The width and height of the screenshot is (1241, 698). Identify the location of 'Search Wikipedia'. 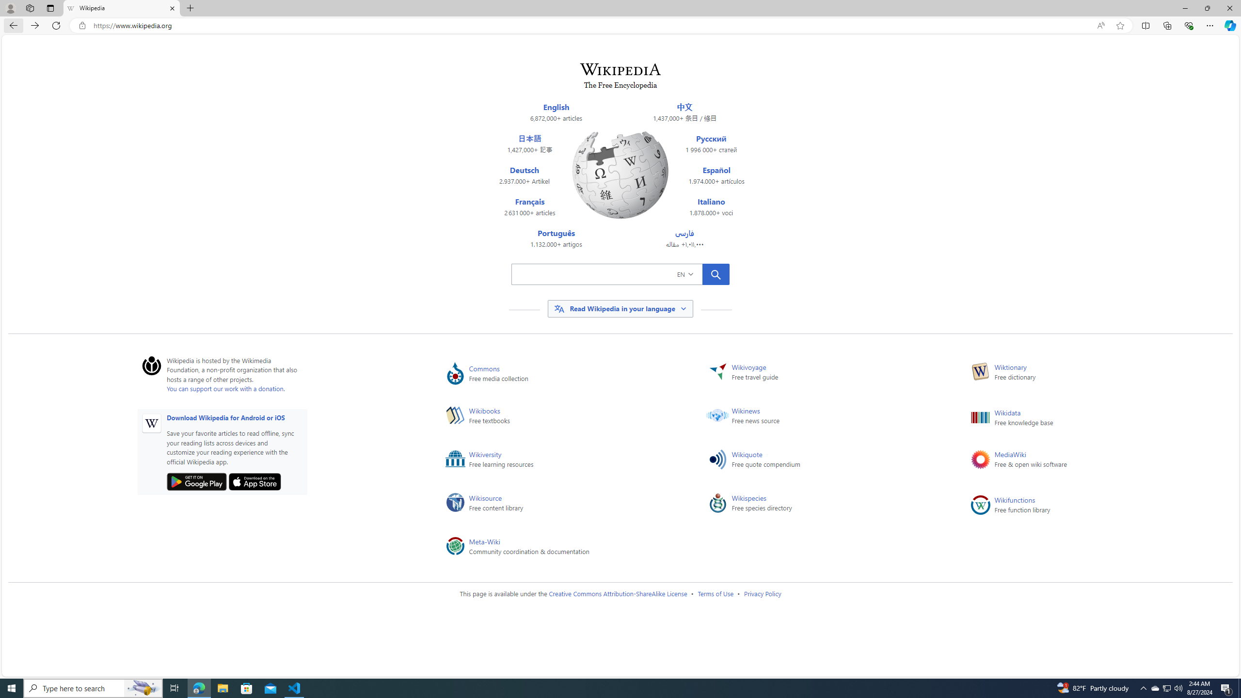
(606, 273).